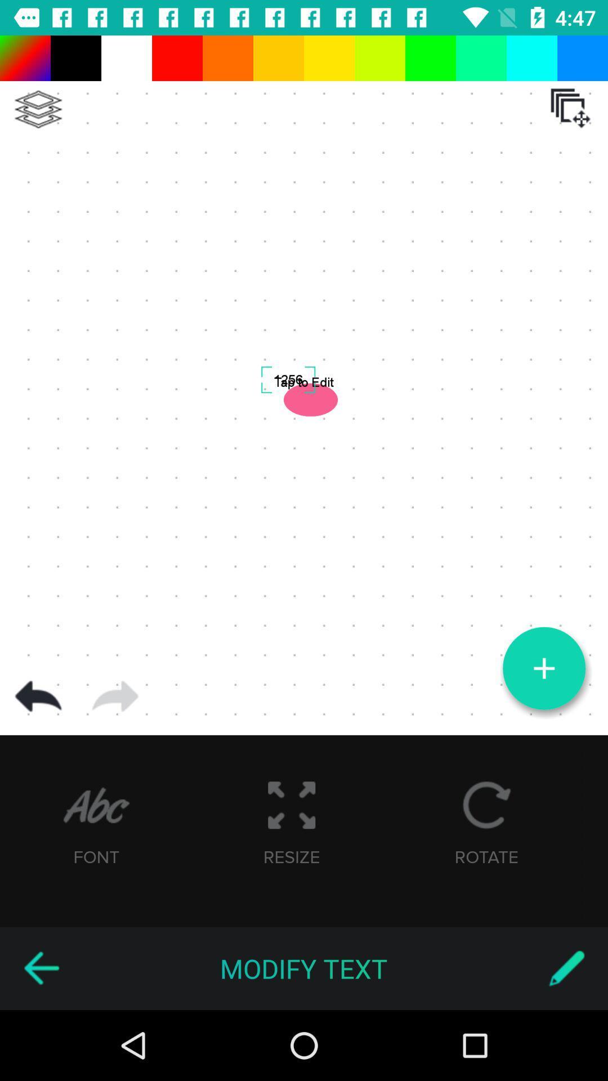  What do you see at coordinates (570, 108) in the screenshot?
I see `the icon at the top right corner` at bounding box center [570, 108].